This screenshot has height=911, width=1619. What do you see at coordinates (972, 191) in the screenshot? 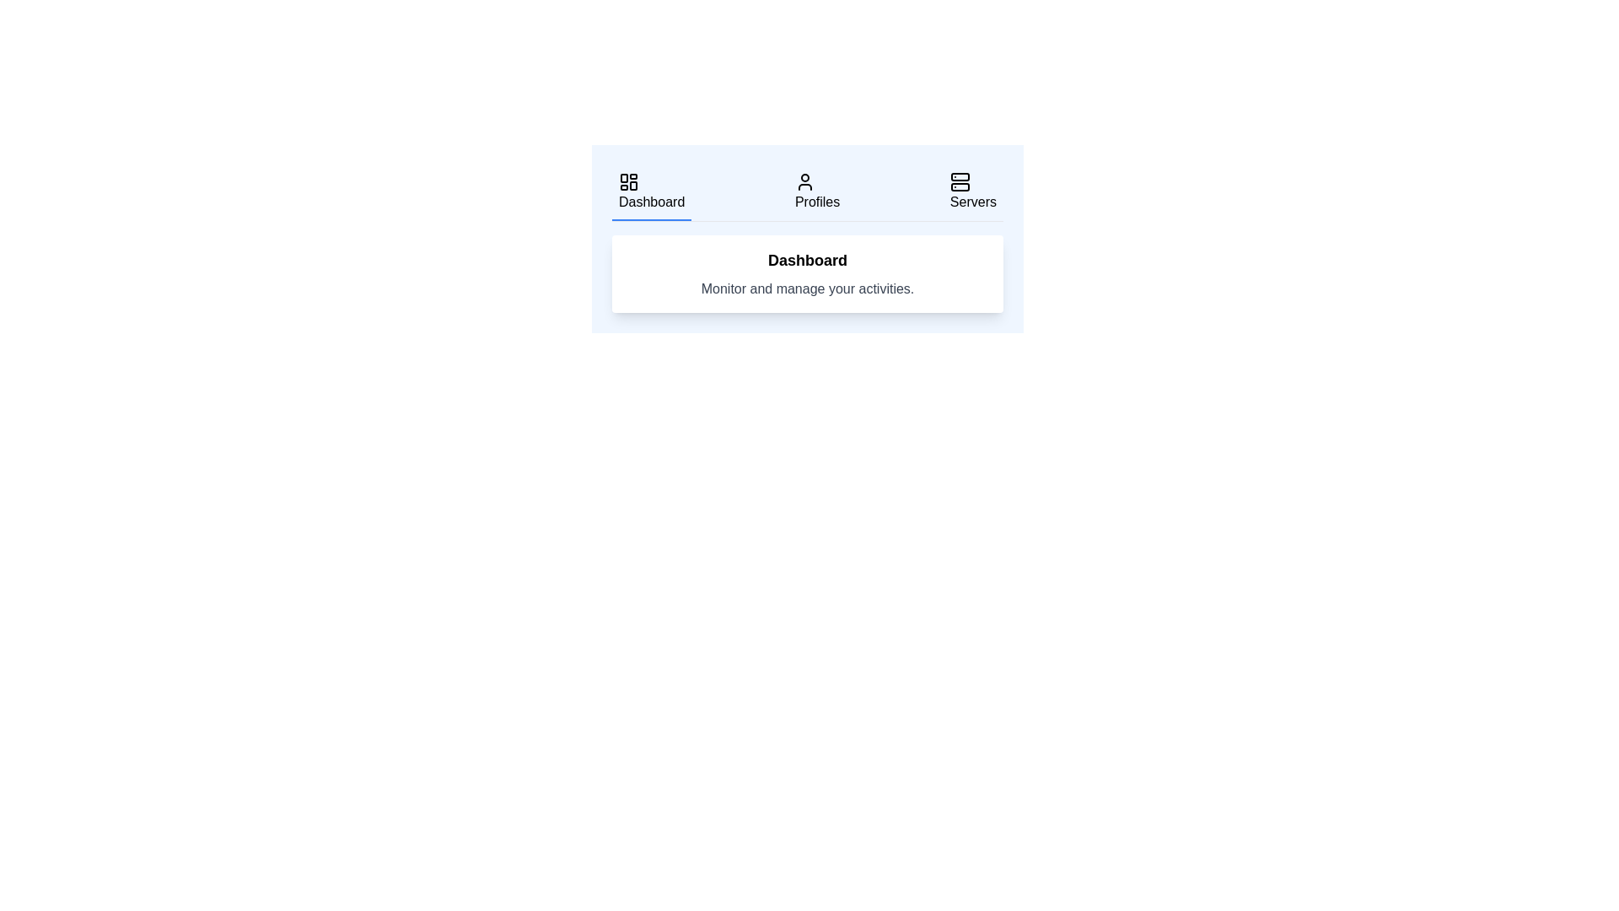
I see `the tab labeled Servers` at bounding box center [972, 191].